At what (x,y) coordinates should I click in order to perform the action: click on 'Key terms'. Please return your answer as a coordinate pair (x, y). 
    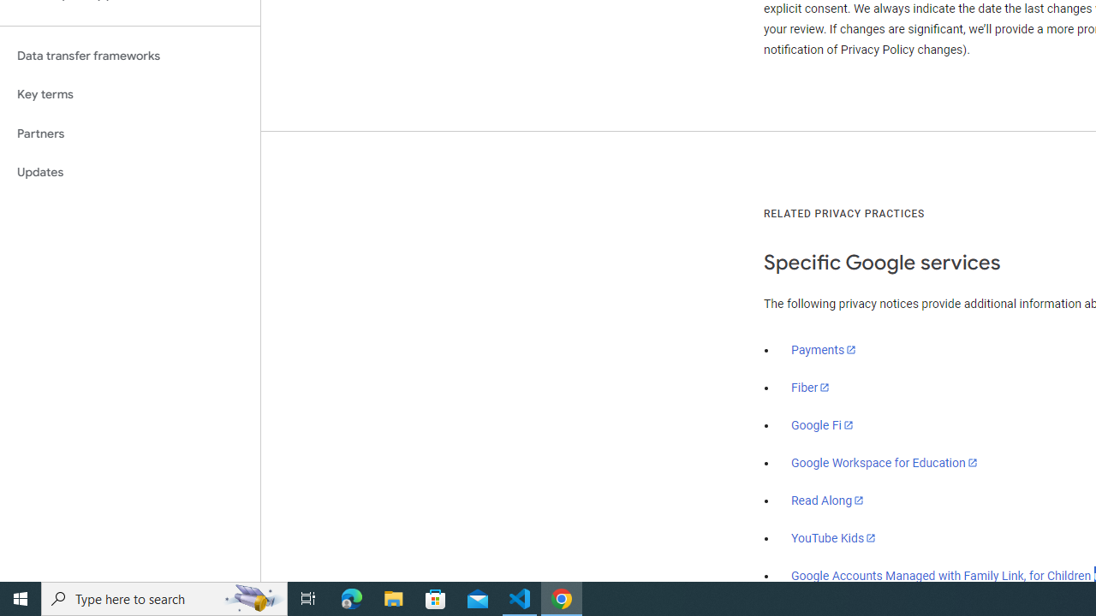
    Looking at the image, I should click on (129, 94).